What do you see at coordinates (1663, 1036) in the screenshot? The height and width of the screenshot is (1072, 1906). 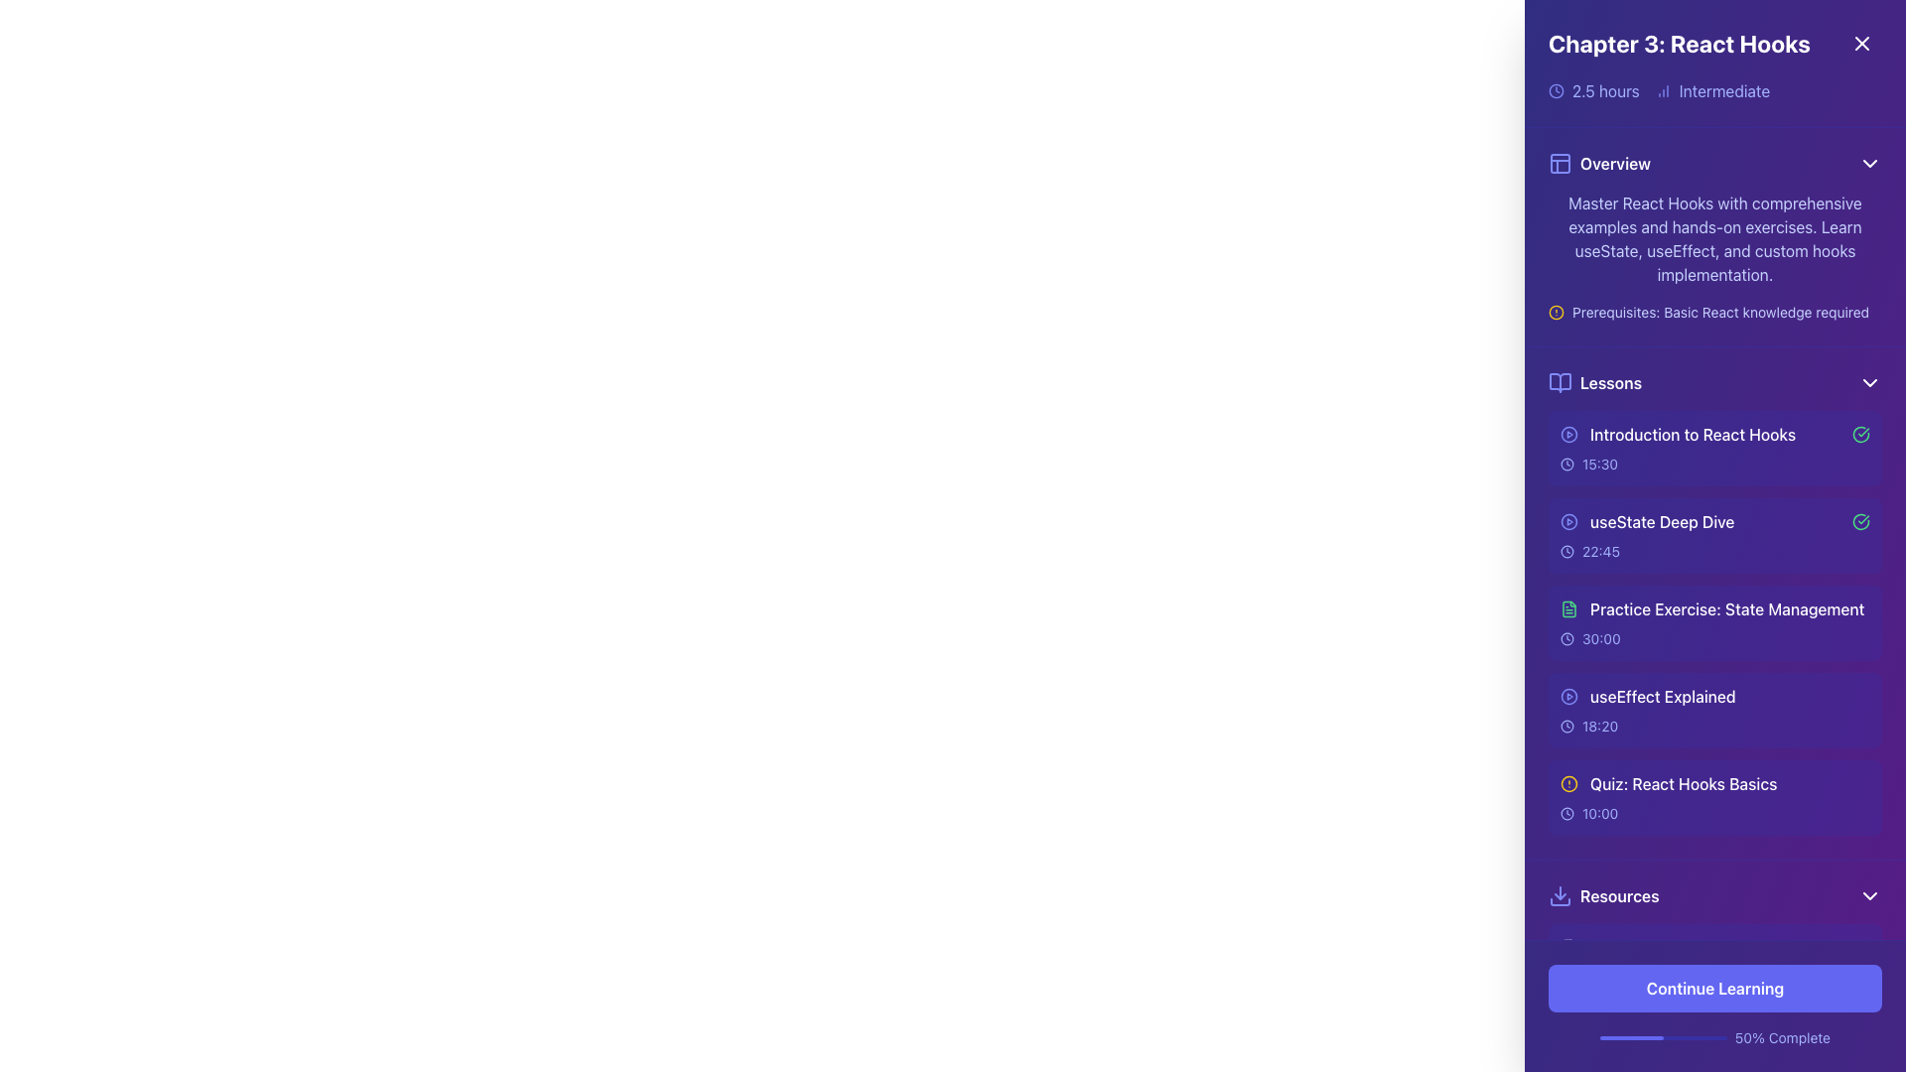 I see `the progress bar indicating '50% Complete', which is a linear progress bar with a dark indigo background and a lighter indigo segment, located centrally below the 'Continue Learning' button` at bounding box center [1663, 1036].